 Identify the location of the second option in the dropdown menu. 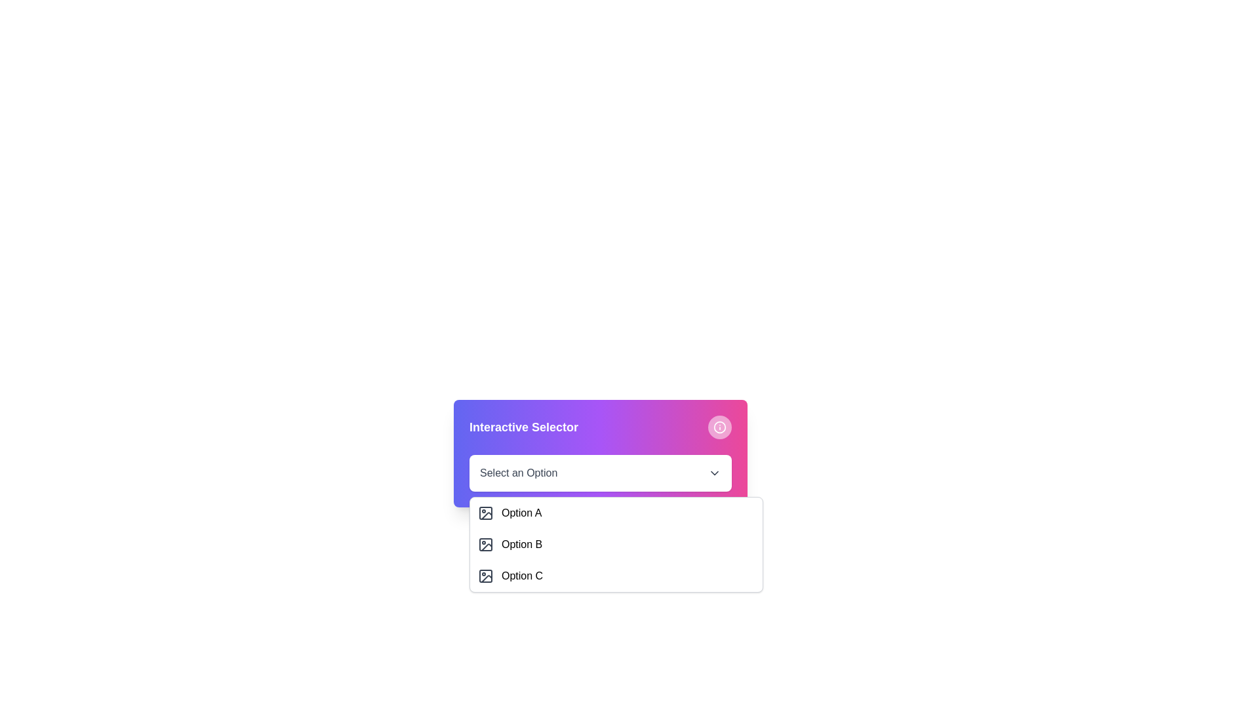
(616, 544).